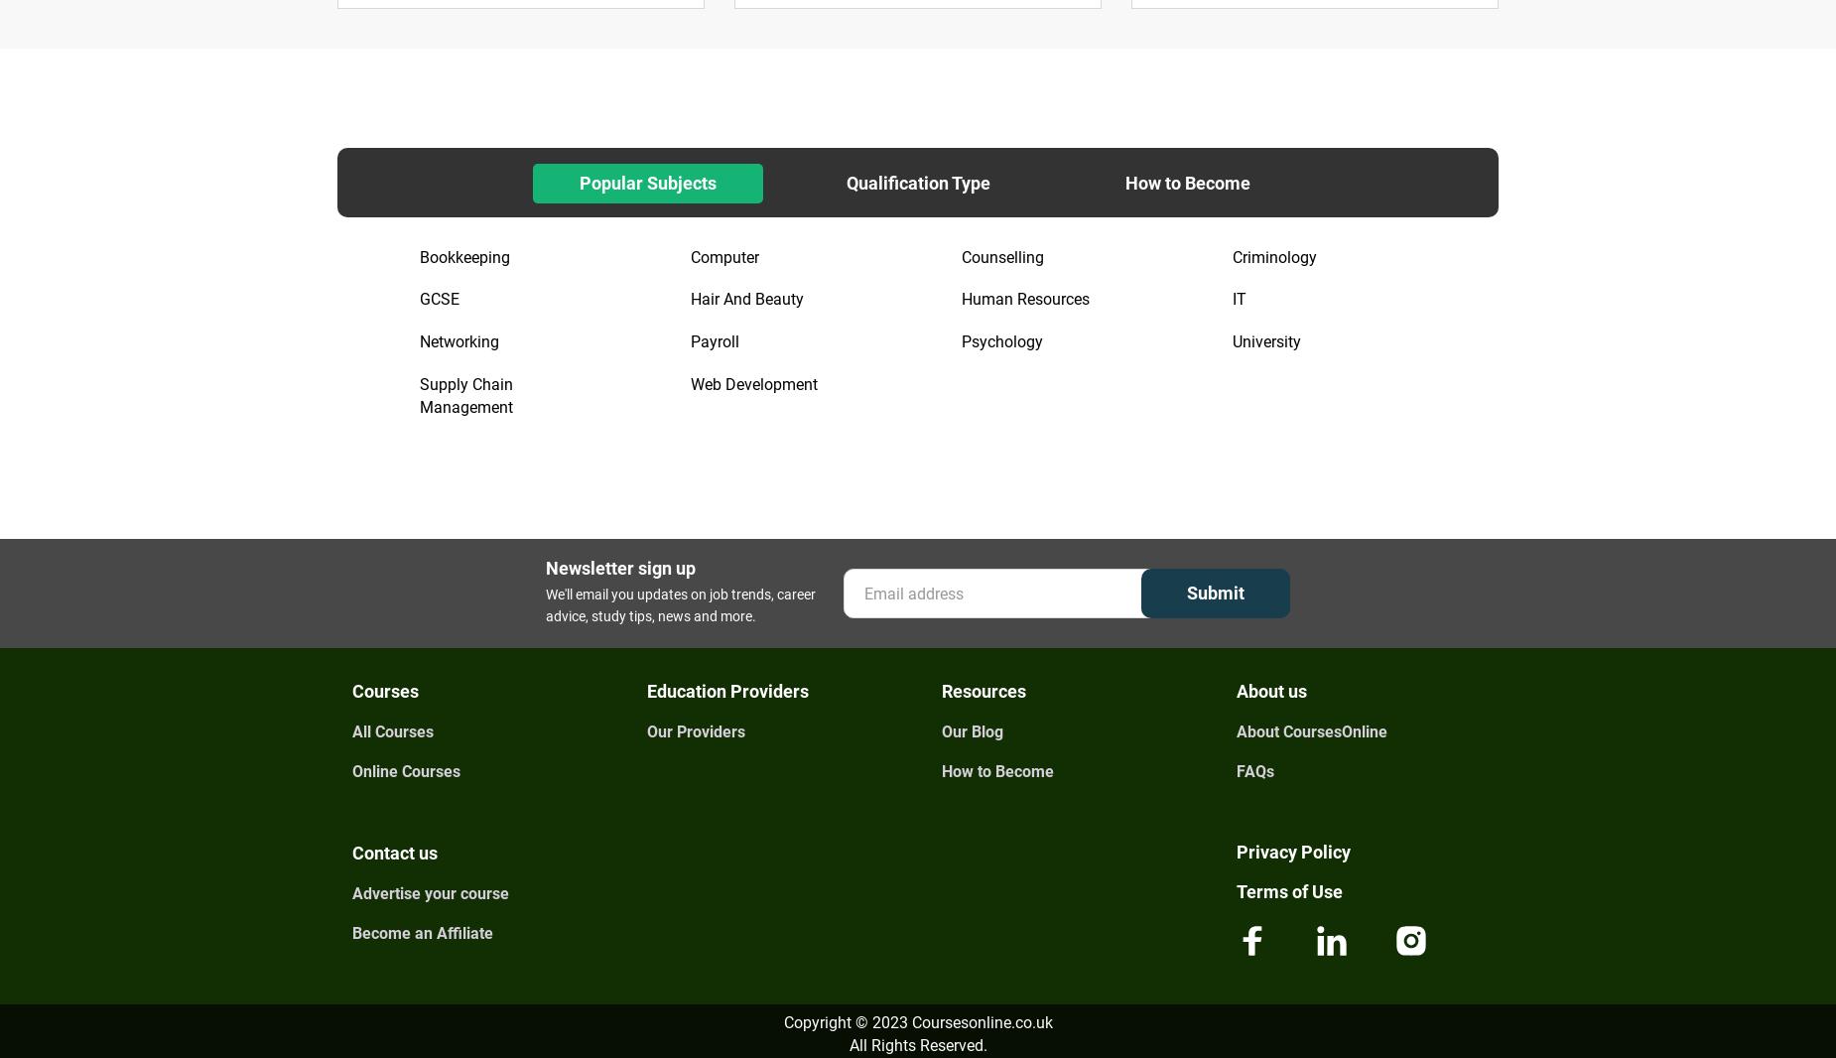  I want to click on 'FAQs', so click(1235, 770).